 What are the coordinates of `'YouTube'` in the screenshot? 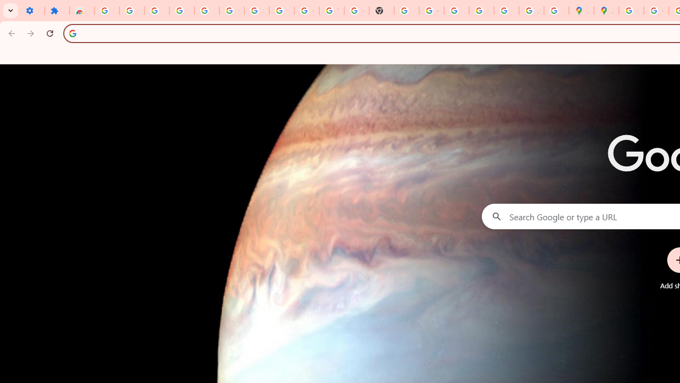 It's located at (331, 11).